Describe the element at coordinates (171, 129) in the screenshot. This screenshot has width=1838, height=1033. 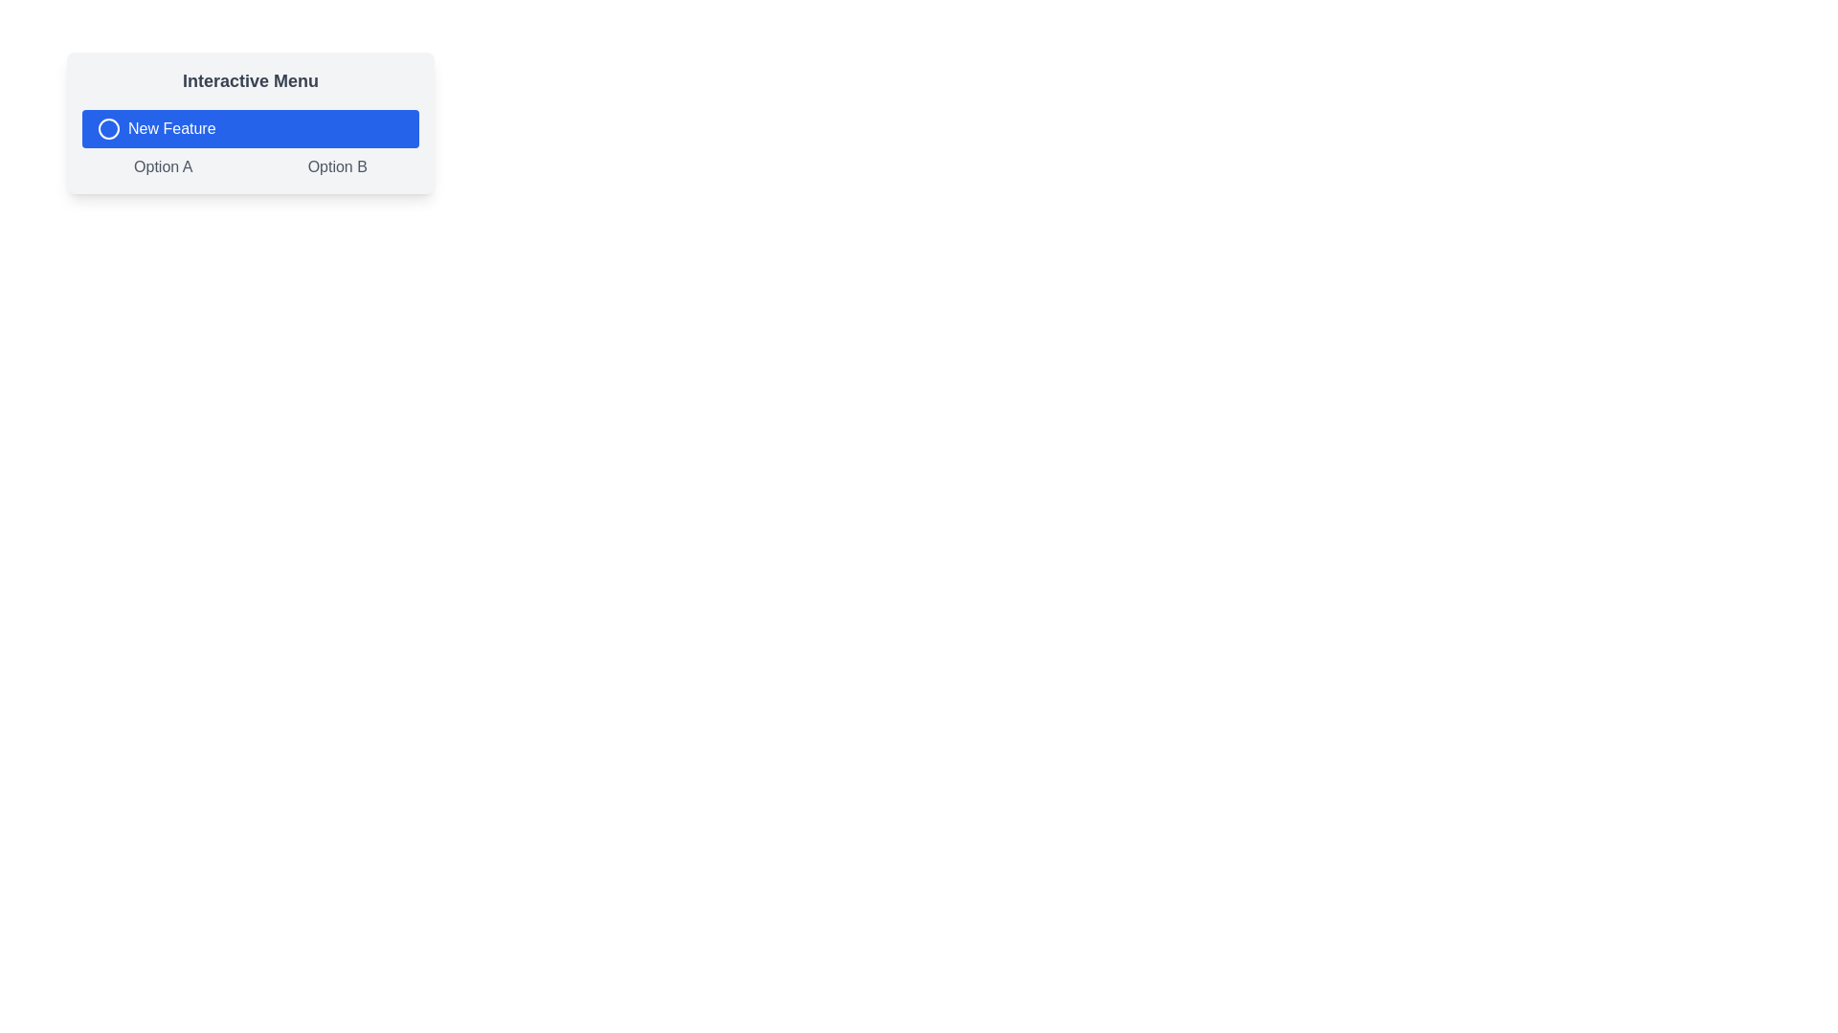
I see `the 'New Feature' text label located on the blue button in the 'Interactive Menu', positioned to the right of a circular icon` at that location.